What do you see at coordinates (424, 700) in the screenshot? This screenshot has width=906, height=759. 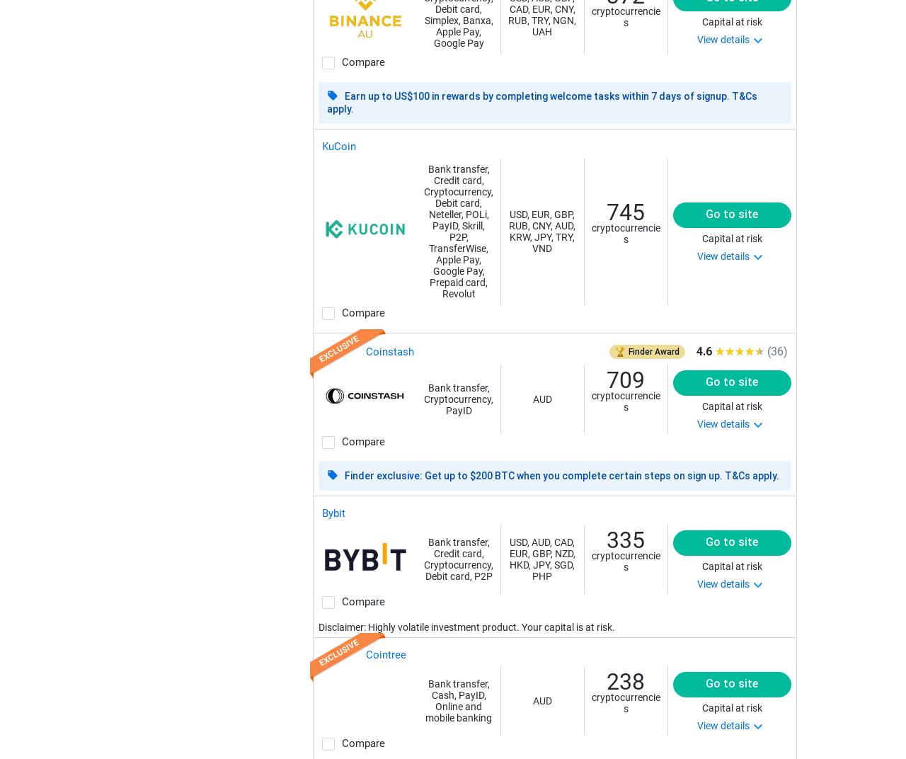 I see `'Bank transfer,           Cash,           PayID,          Online and mobile banking'` at bounding box center [424, 700].